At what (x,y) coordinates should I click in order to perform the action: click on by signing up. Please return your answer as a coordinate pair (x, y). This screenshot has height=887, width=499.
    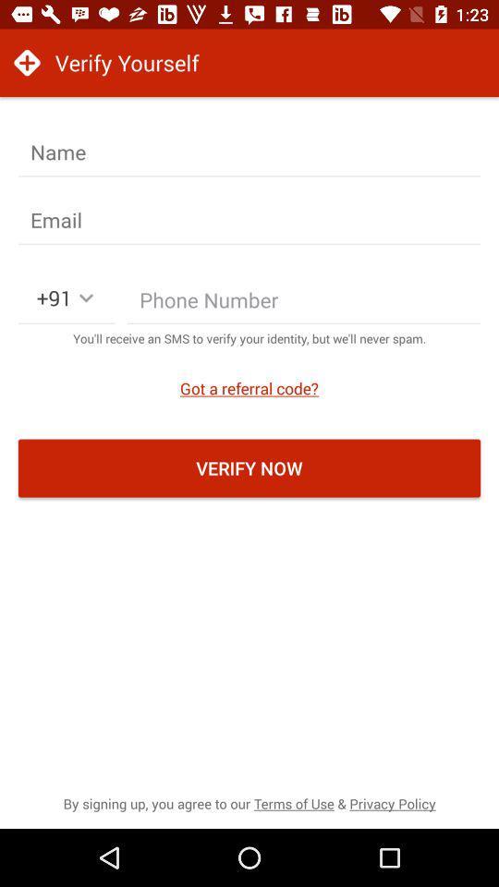
    Looking at the image, I should click on (249, 802).